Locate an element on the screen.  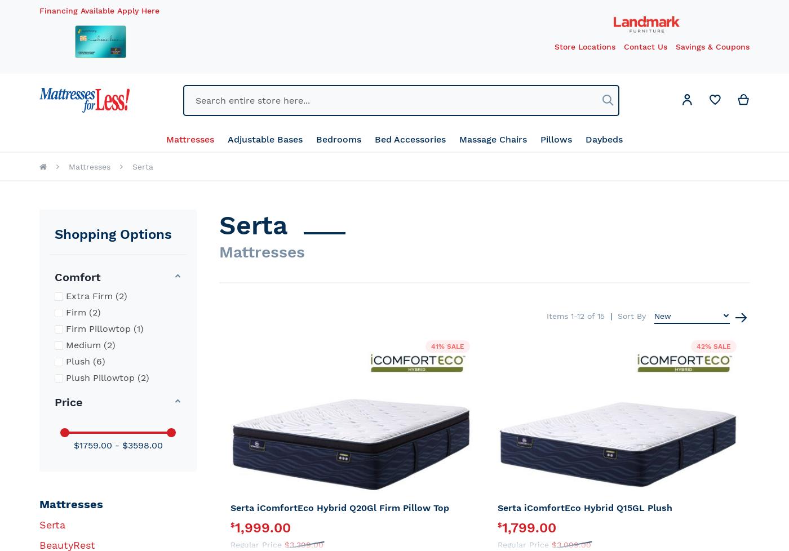
'Plush' is located at coordinates (78, 361).